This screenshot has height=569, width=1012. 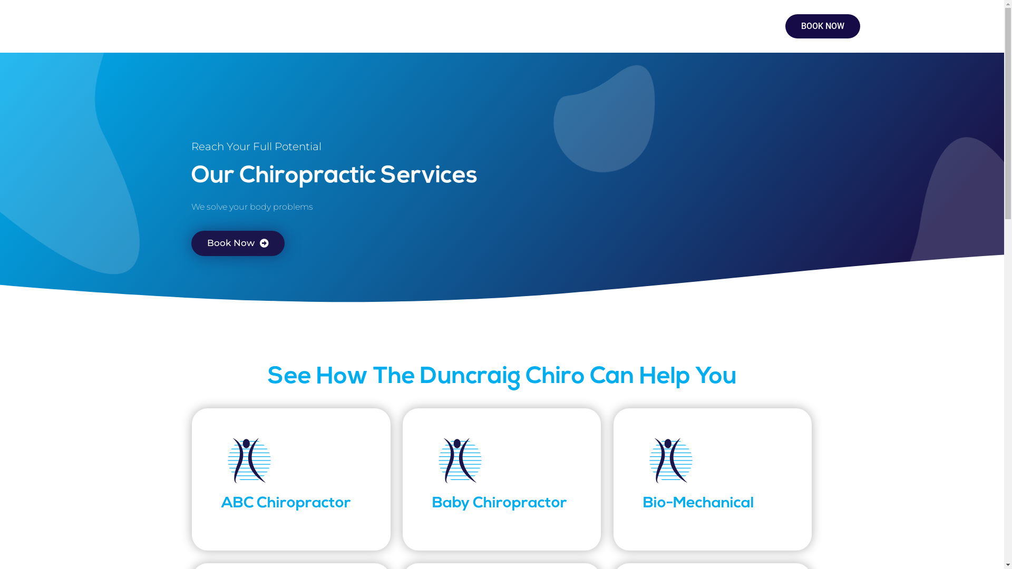 What do you see at coordinates (700, 23) in the screenshot?
I see `'9246 9558'` at bounding box center [700, 23].